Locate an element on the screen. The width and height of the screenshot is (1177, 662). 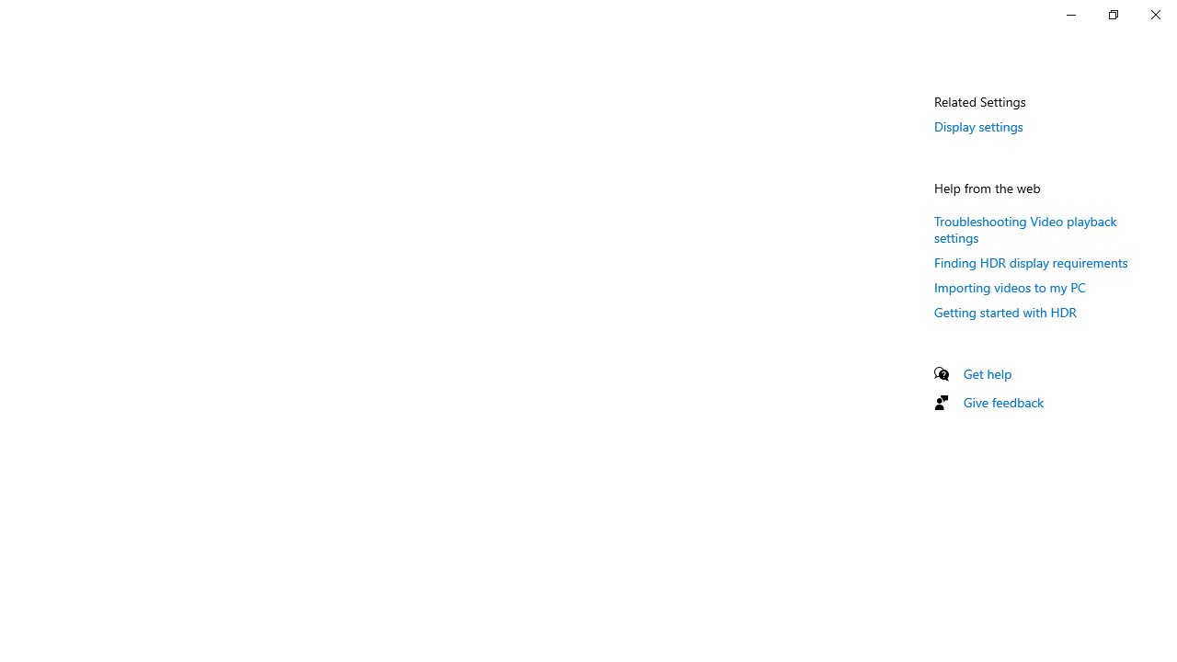
'Get help' is located at coordinates (987, 372).